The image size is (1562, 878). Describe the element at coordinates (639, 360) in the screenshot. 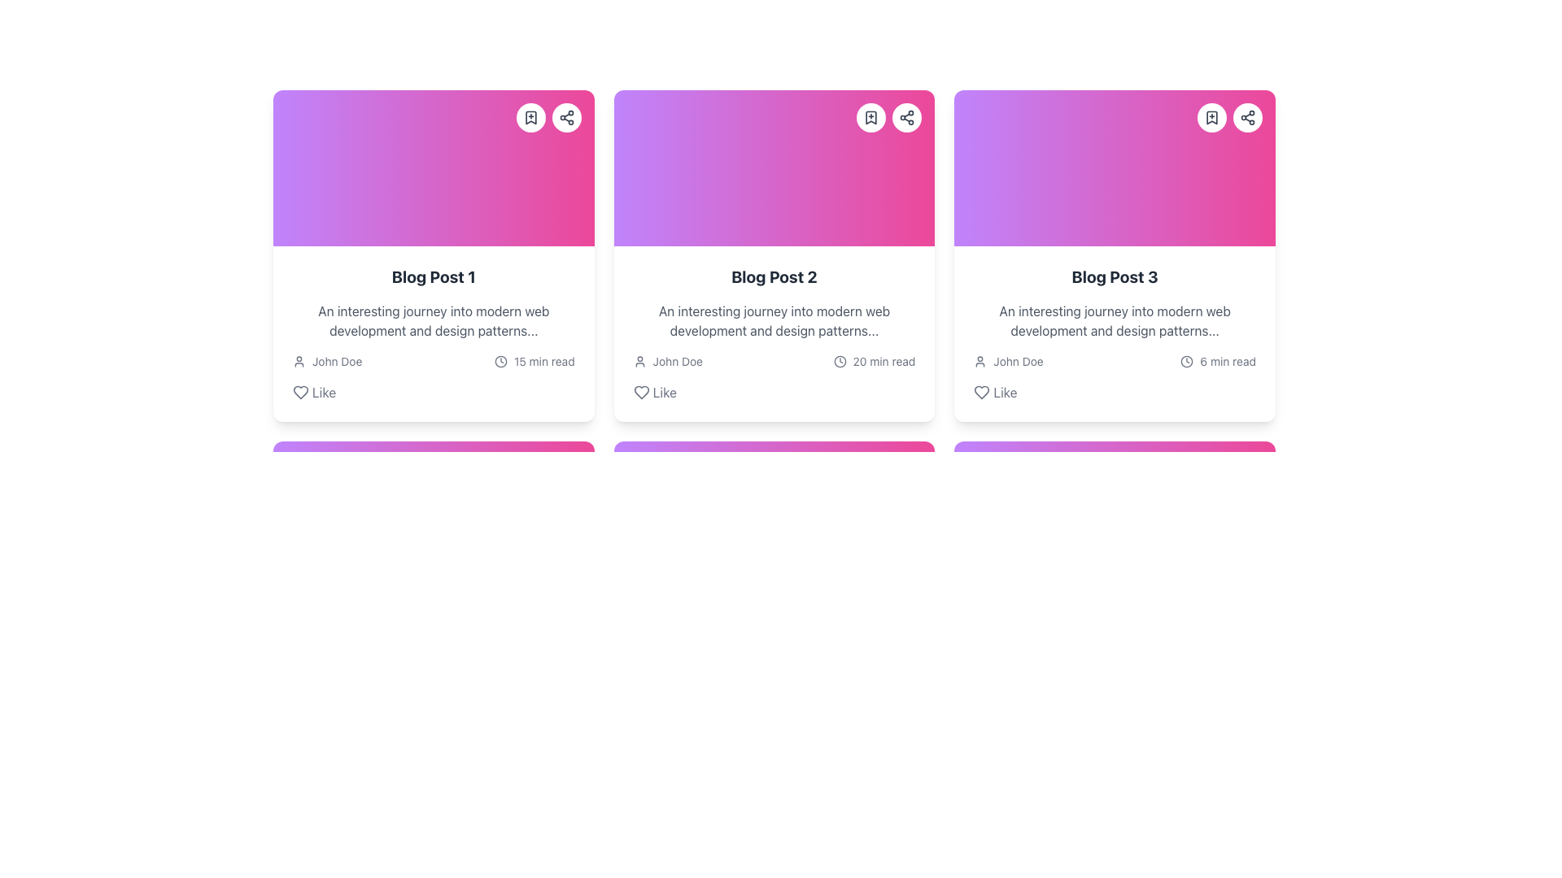

I see `the user SVG icon located to the left of the 'John Doe' text in the bottom section of the 'Blog Post 1' card` at that location.